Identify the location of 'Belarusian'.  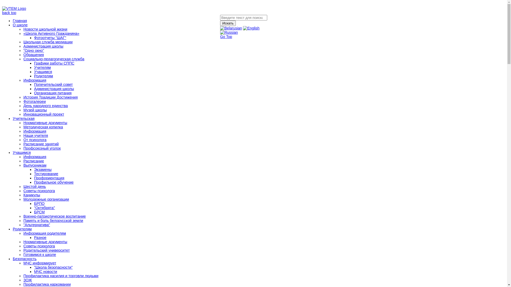
(231, 28).